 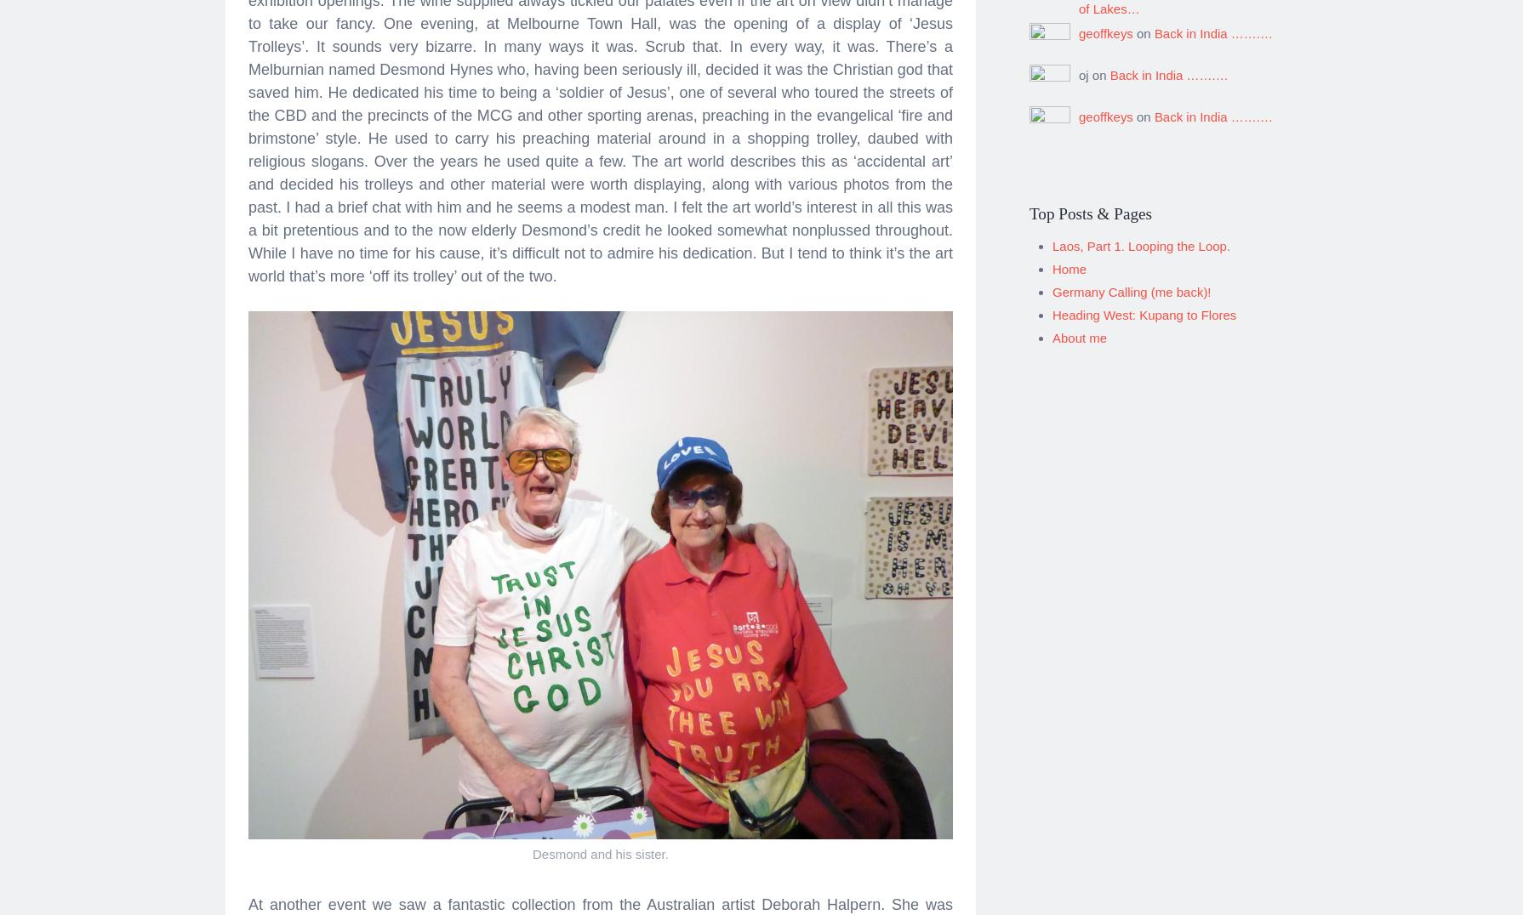 I want to click on 'oj on', so click(x=1093, y=69).